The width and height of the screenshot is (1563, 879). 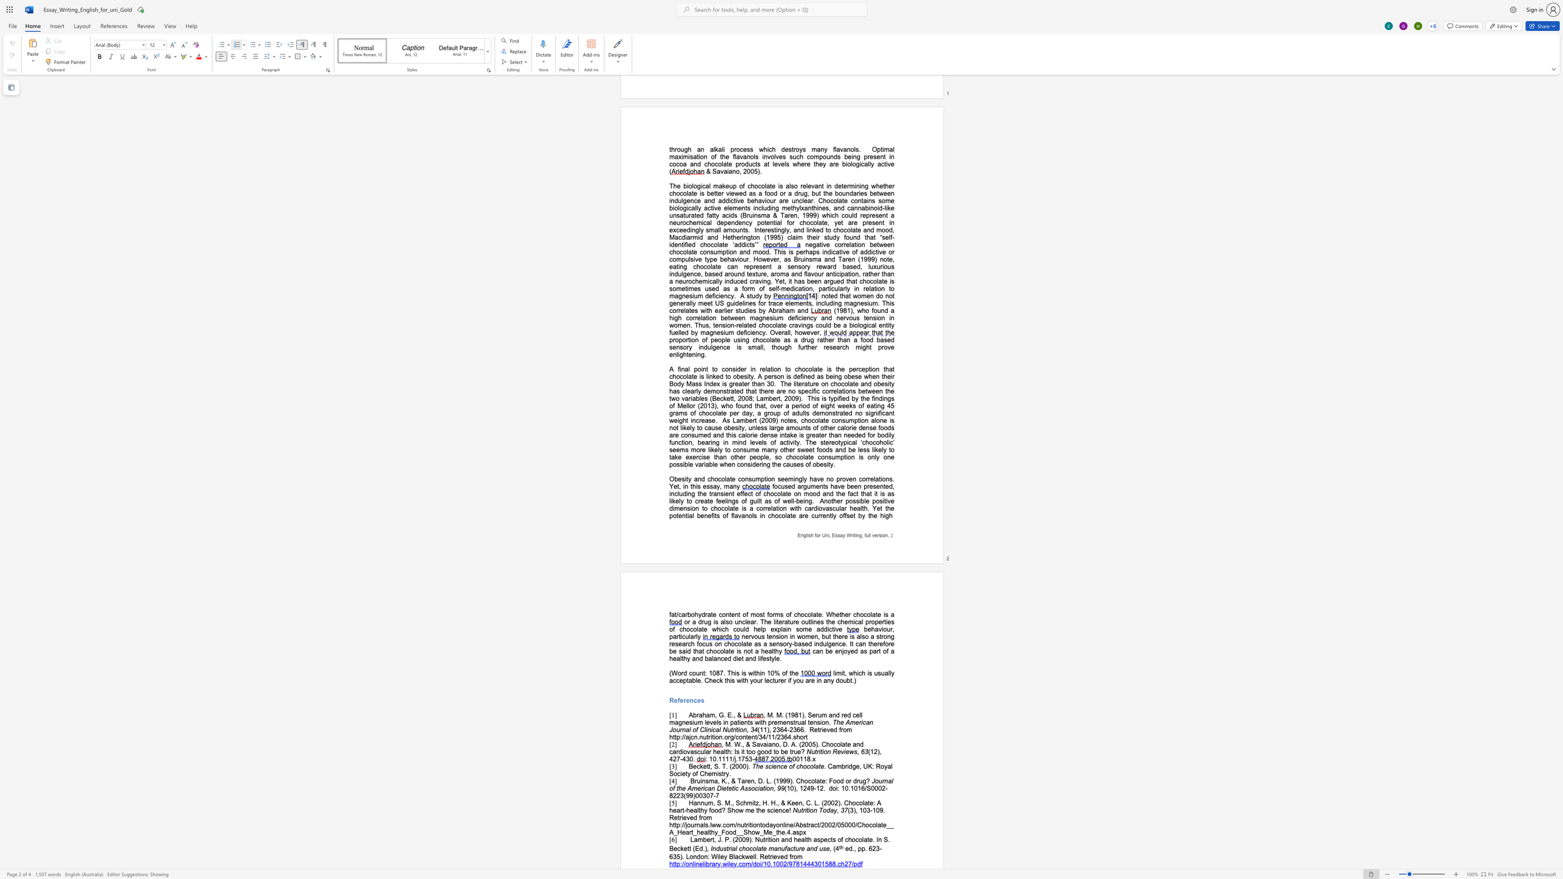 I want to click on the space between the continuous character "0" and "2" in the text, so click(x=881, y=788).